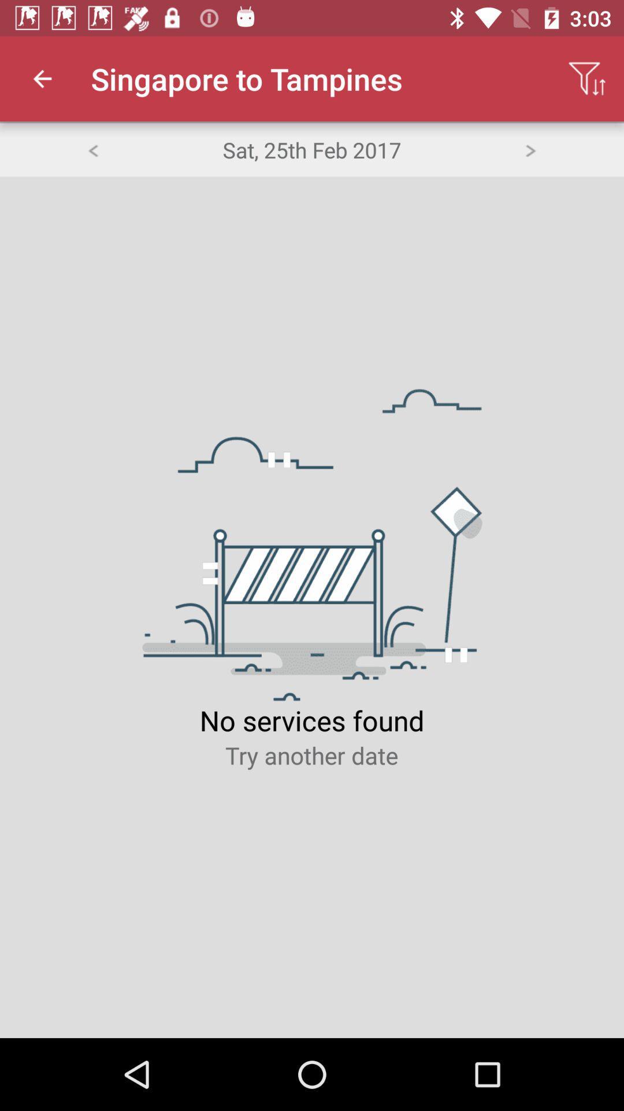 The image size is (624, 1111). What do you see at coordinates (530, 149) in the screenshot?
I see `icon to the right of the sat 25th feb icon` at bounding box center [530, 149].